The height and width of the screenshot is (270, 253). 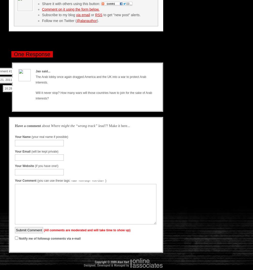 I want to click on 'Have a comment', so click(x=28, y=126).